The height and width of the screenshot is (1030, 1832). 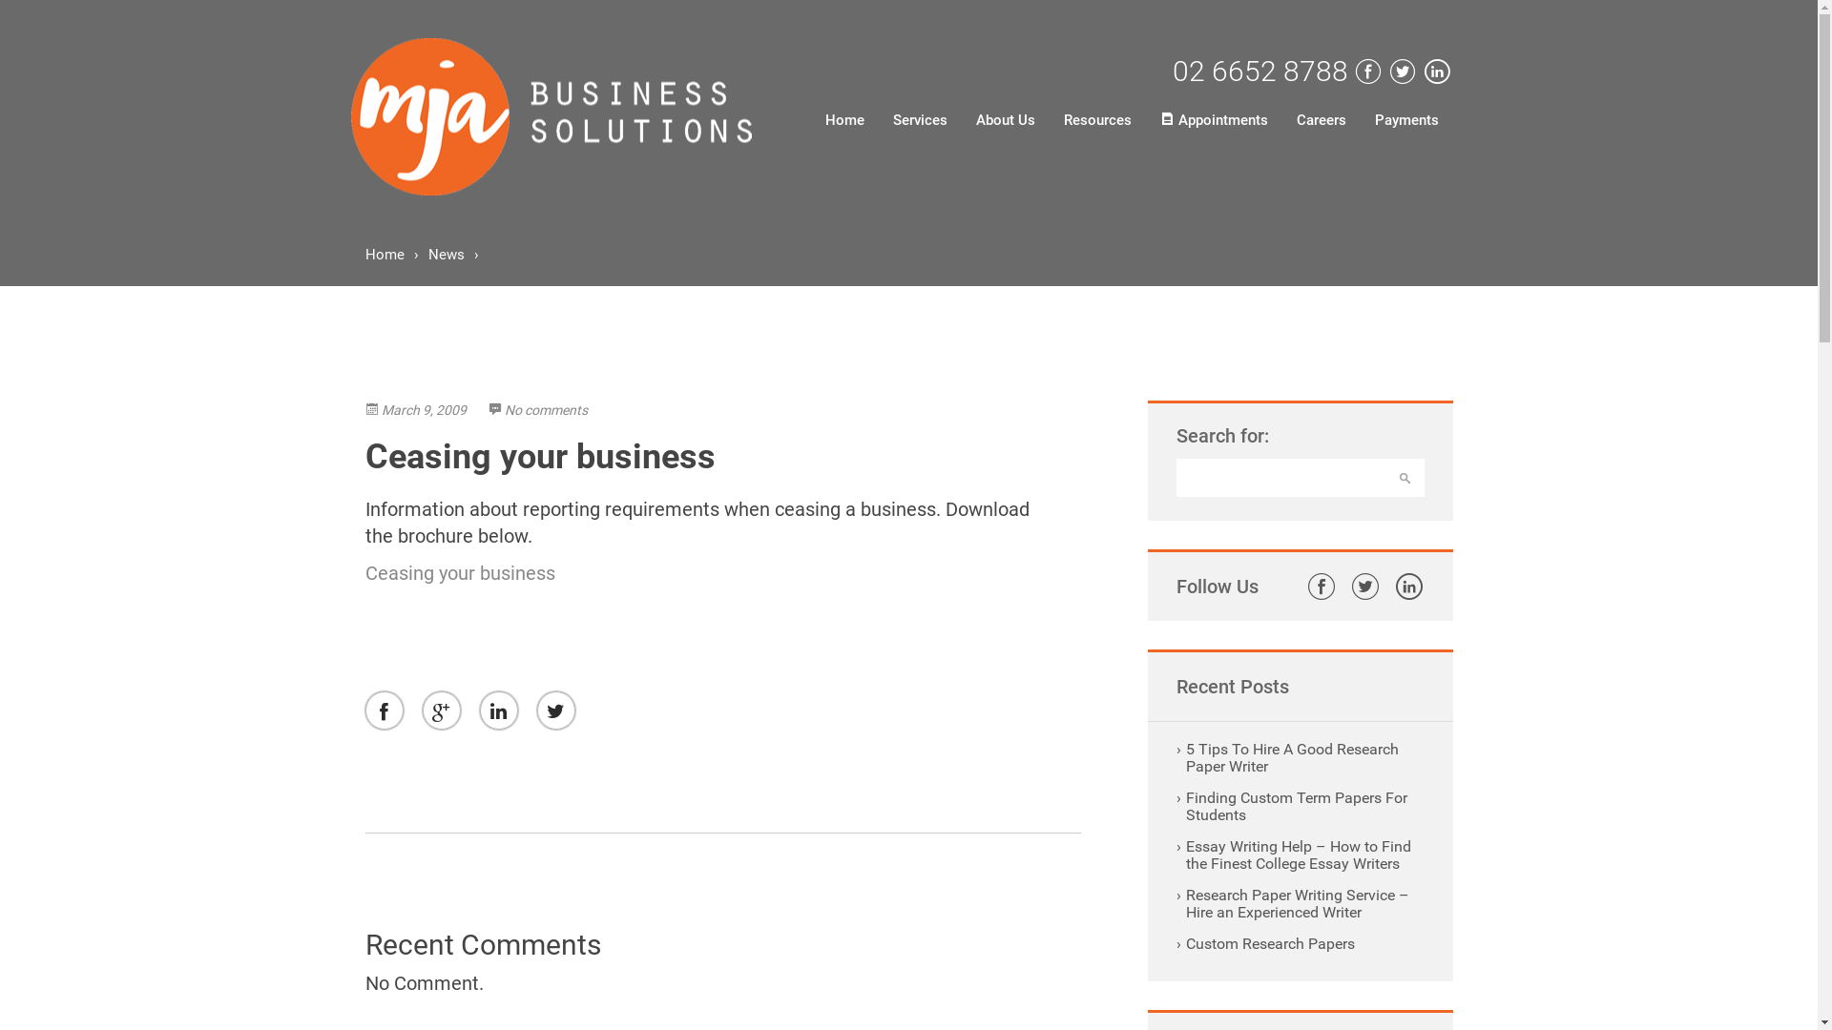 I want to click on 'Appointments', so click(x=1212, y=120).